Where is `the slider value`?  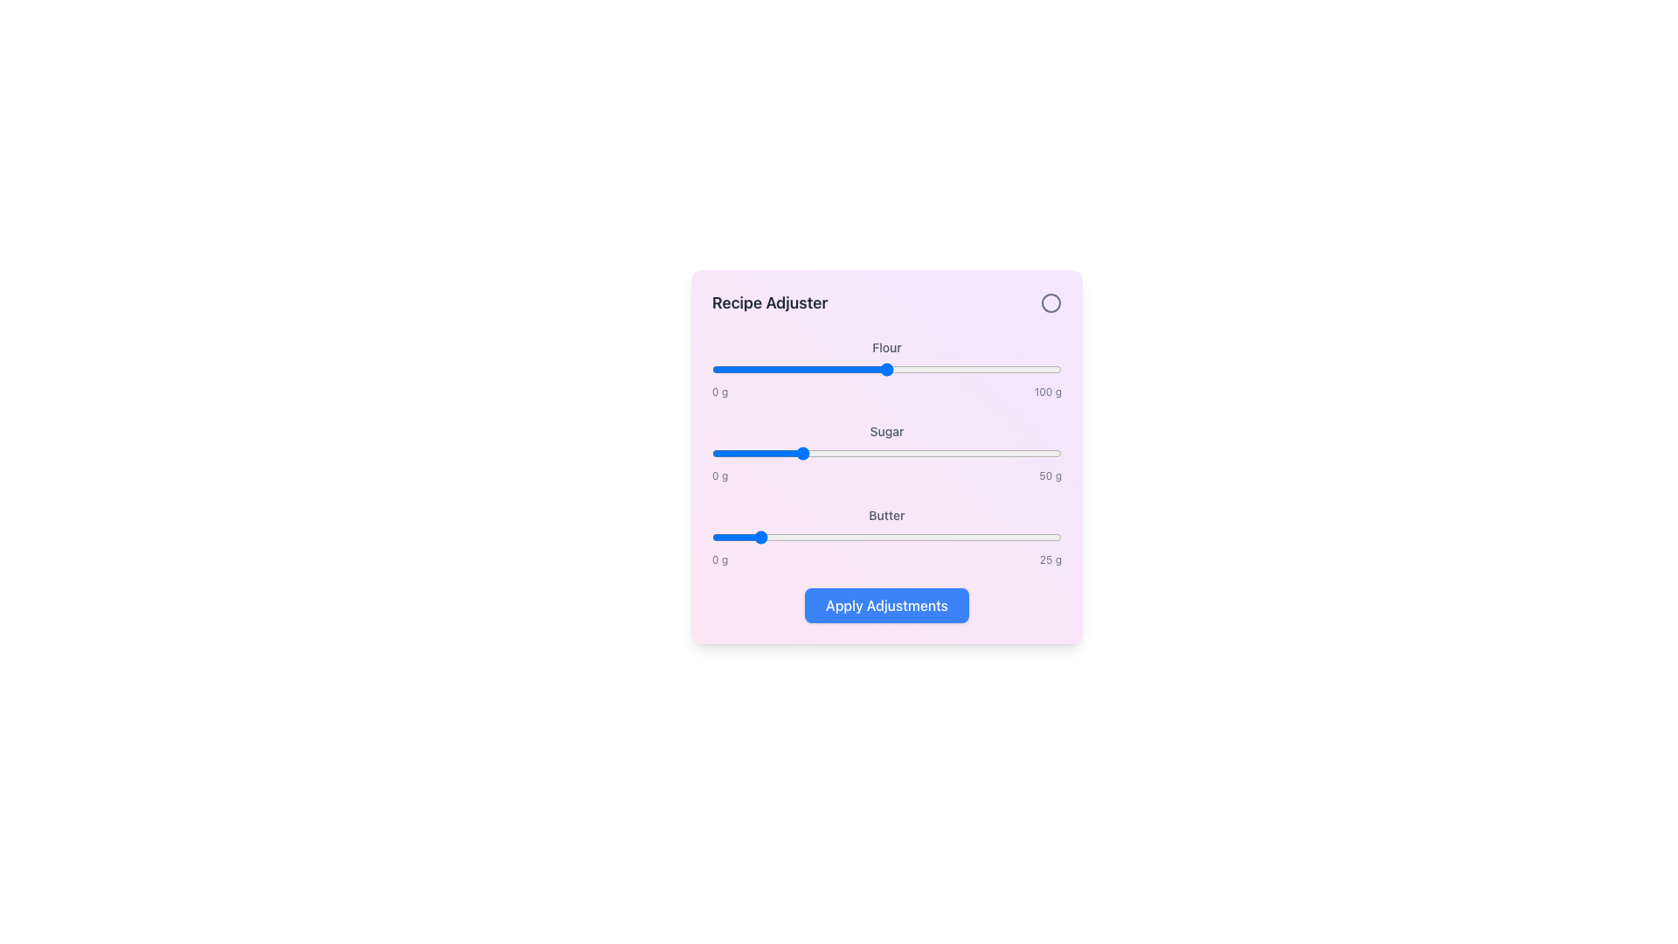
the slider value is located at coordinates (754, 369).